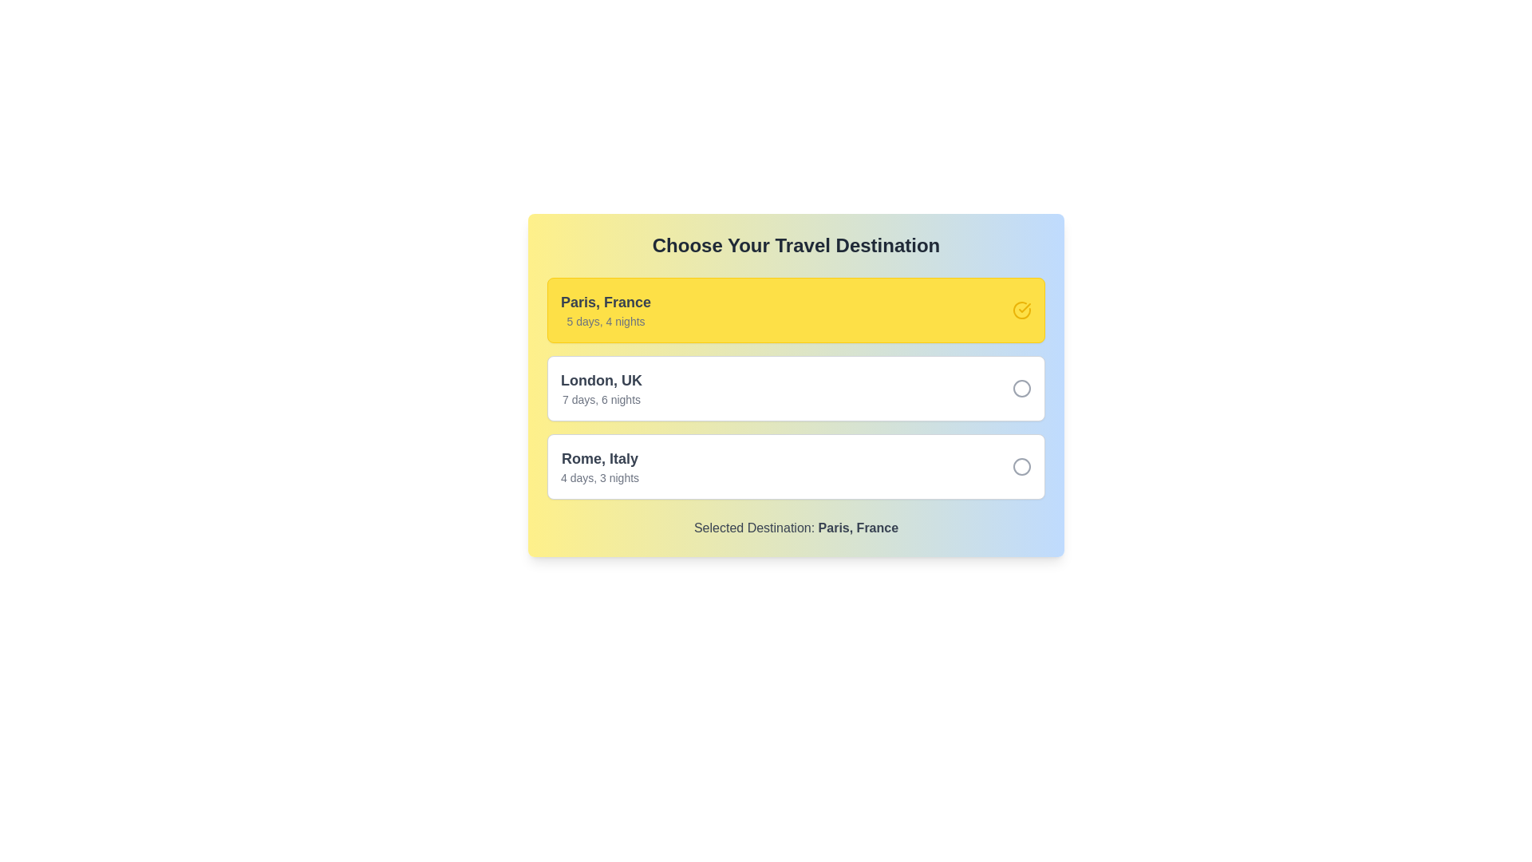 Image resolution: width=1532 pixels, height=862 pixels. What do you see at coordinates (605, 302) in the screenshot?
I see `the text label displaying the travel destination 'Paris, France', which is centrally placed within the yellow-highlighted first option of the list of destinations` at bounding box center [605, 302].